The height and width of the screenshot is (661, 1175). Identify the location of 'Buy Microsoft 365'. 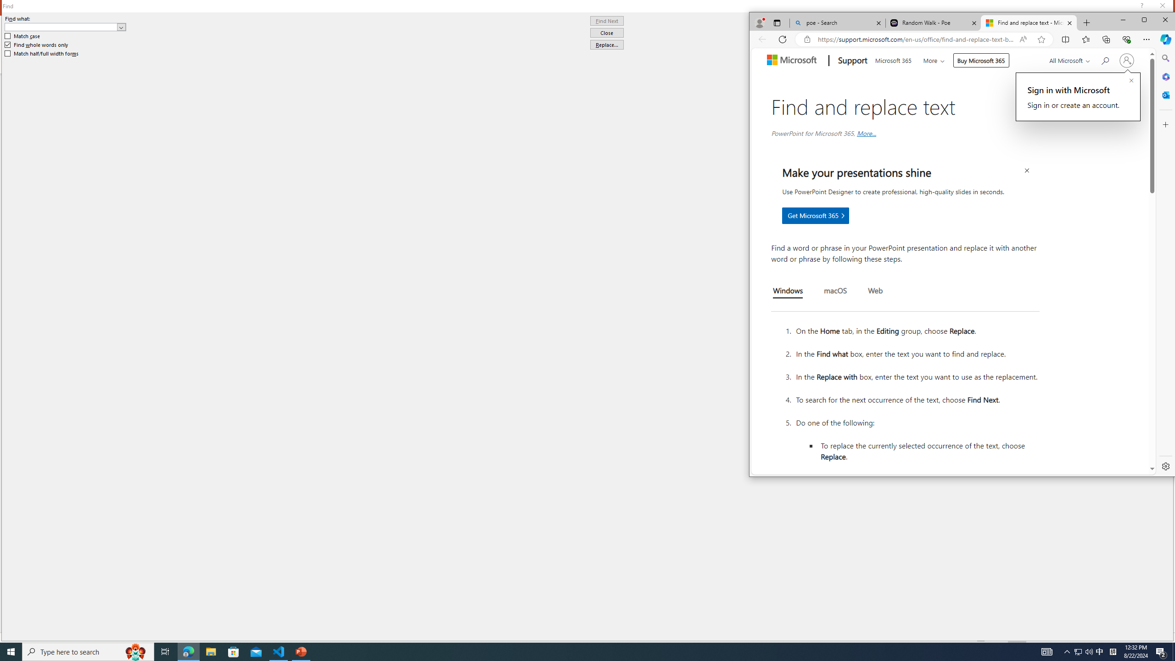
(980, 60).